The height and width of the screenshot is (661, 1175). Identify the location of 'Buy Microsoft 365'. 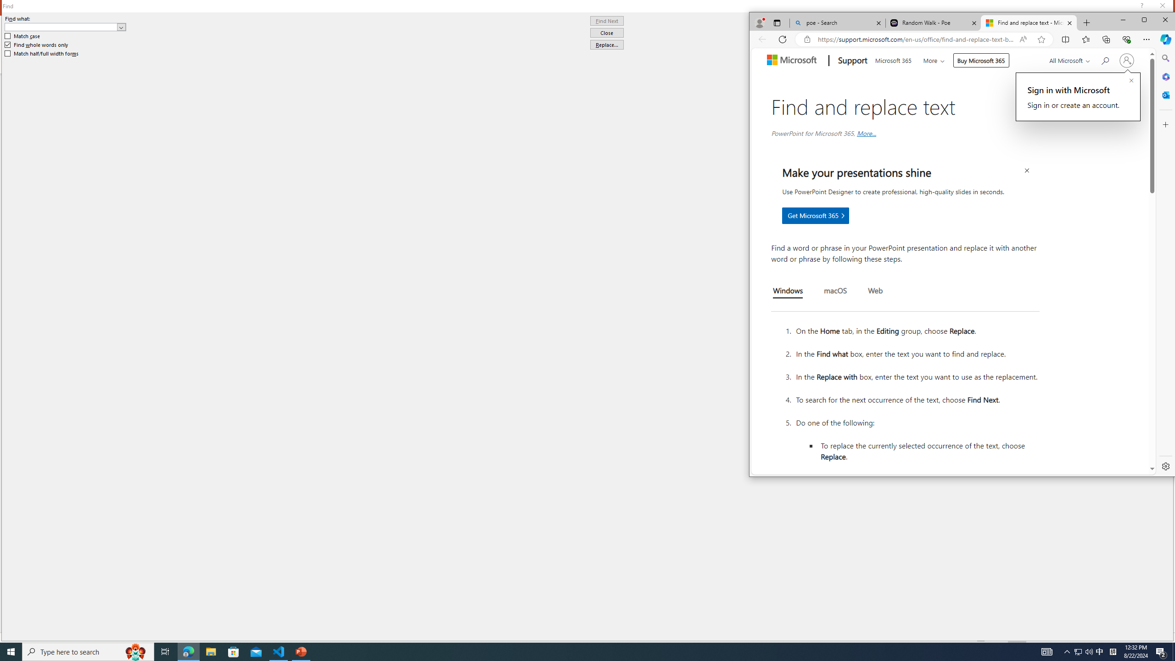
(980, 60).